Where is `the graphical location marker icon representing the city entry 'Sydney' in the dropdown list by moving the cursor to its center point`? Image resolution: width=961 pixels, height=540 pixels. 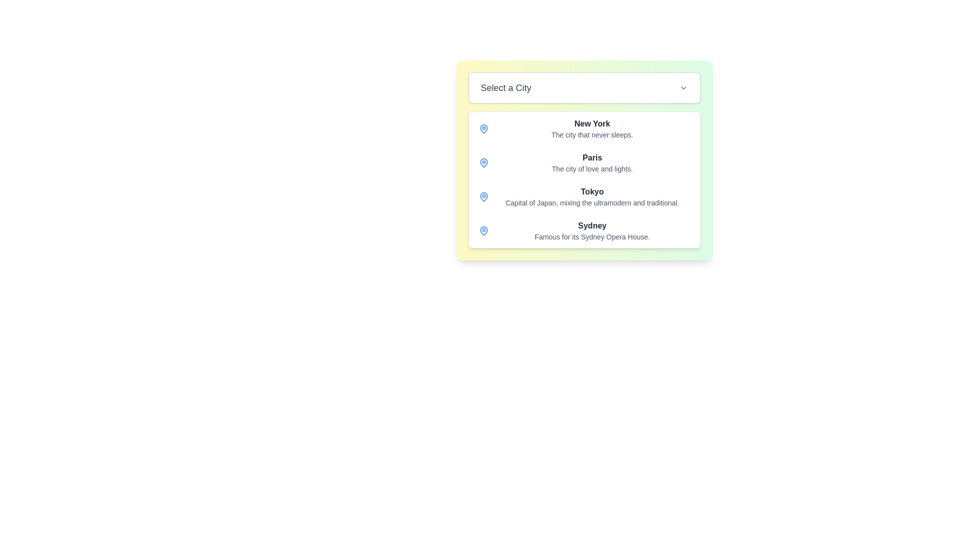 the graphical location marker icon representing the city entry 'Sydney' in the dropdown list by moving the cursor to its center point is located at coordinates (484, 231).